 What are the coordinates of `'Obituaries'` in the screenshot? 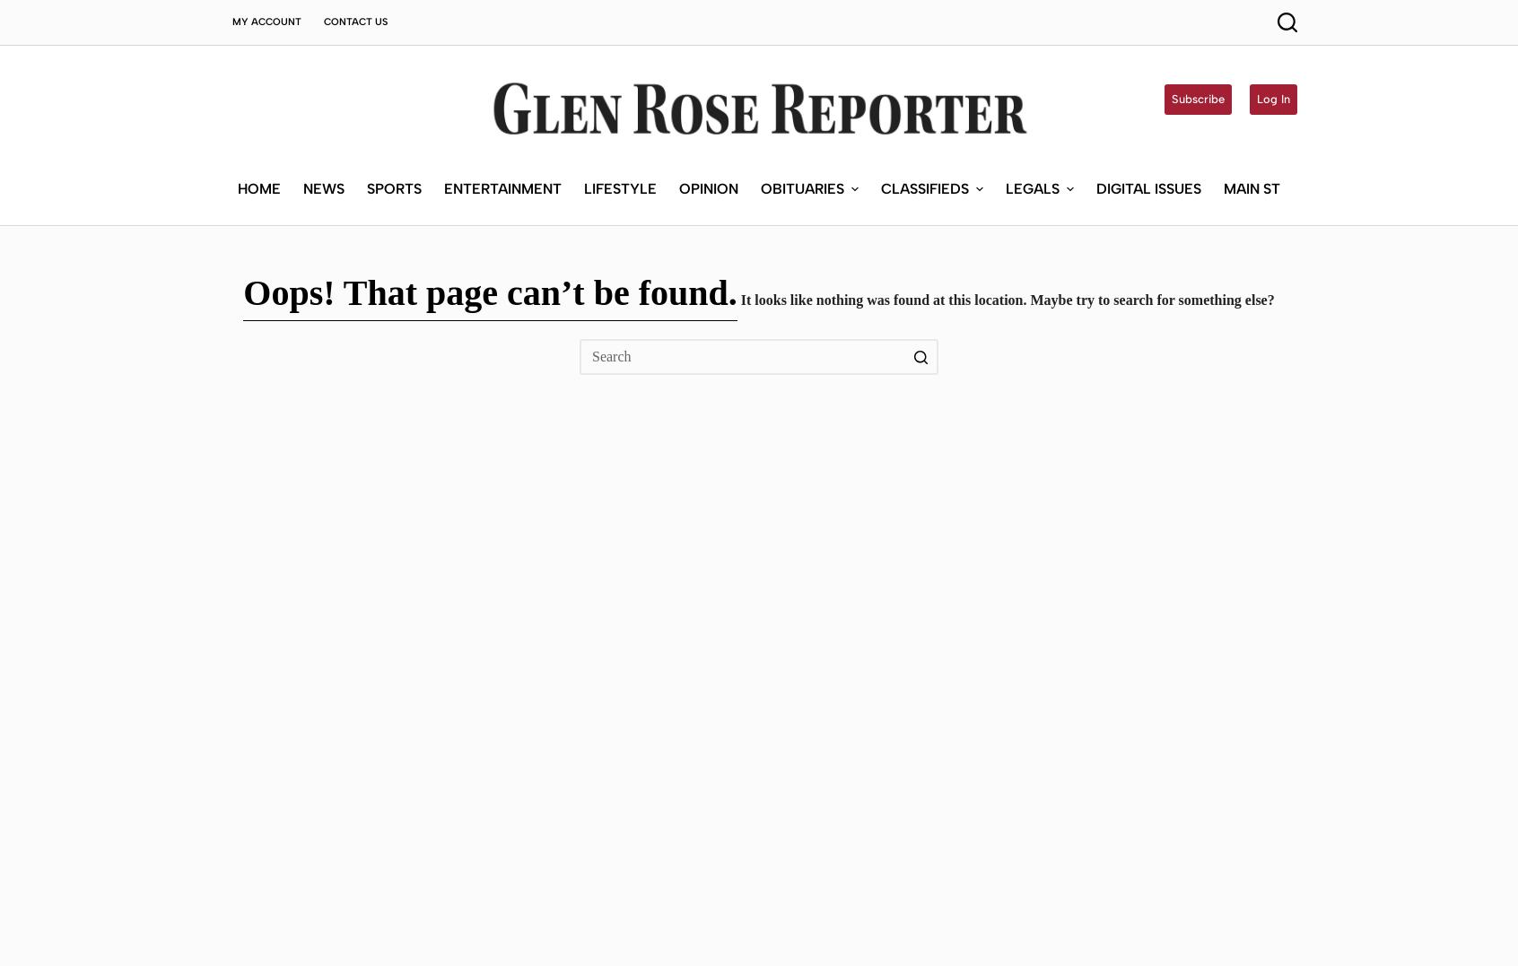 It's located at (800, 57).